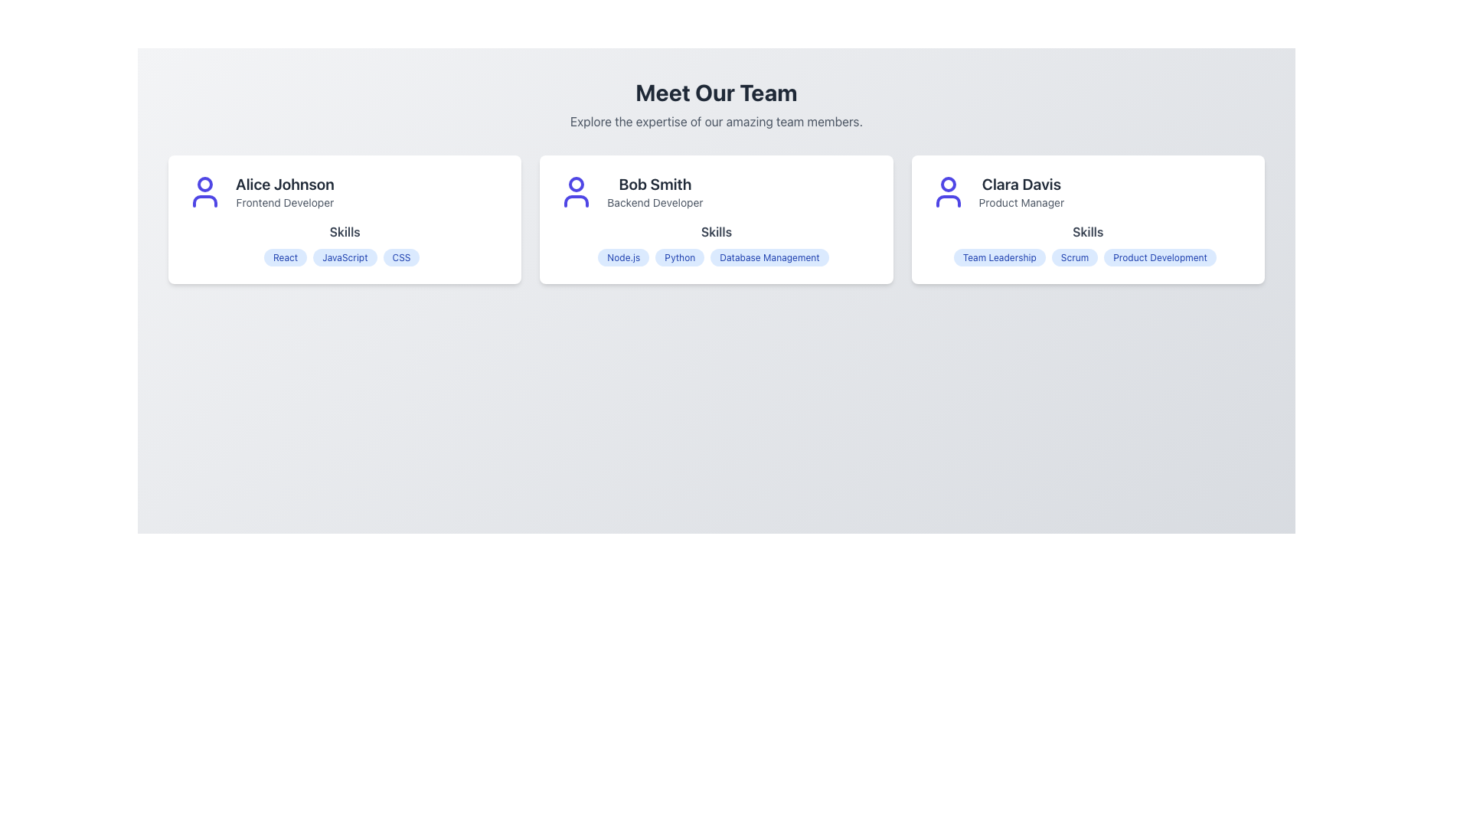 The height and width of the screenshot is (827, 1470). I want to click on the bold text label displaying 'Bob Smith', which is positioned above the subtitle 'Backend Developer' in the middle card of a three-card layout, so click(655, 183).